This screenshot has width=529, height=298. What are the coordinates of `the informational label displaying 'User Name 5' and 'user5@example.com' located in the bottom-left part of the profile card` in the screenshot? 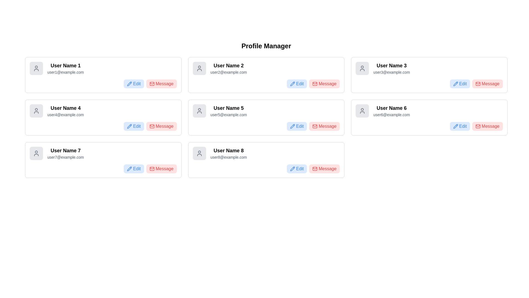 It's located at (228, 111).